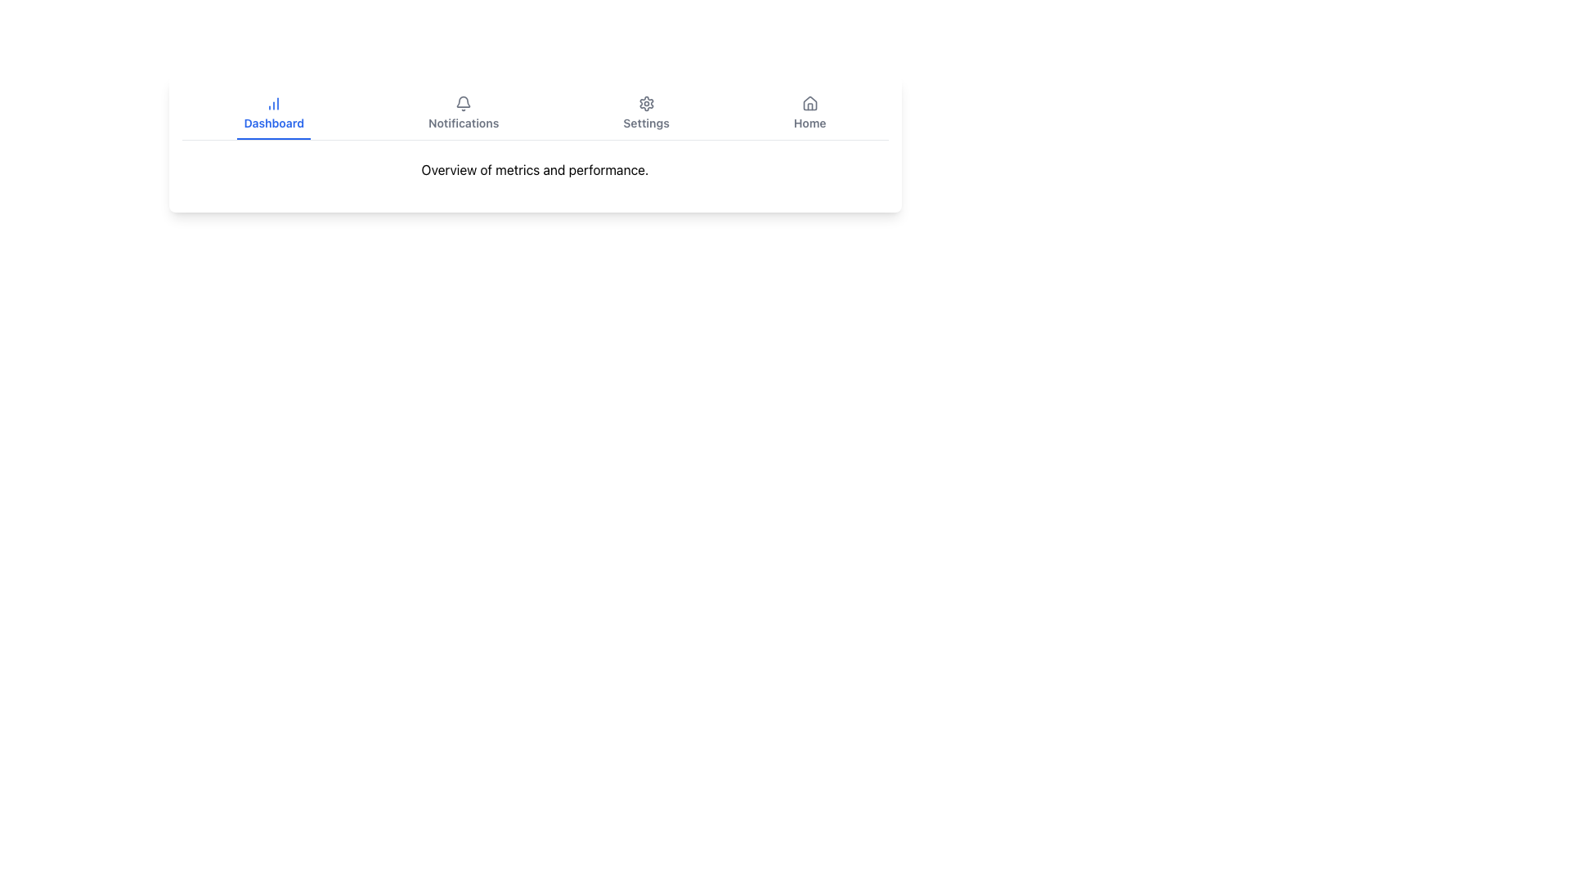 This screenshot has width=1570, height=883. I want to click on the notifications icon (bell) located at the top navigation bar, so click(462, 104).